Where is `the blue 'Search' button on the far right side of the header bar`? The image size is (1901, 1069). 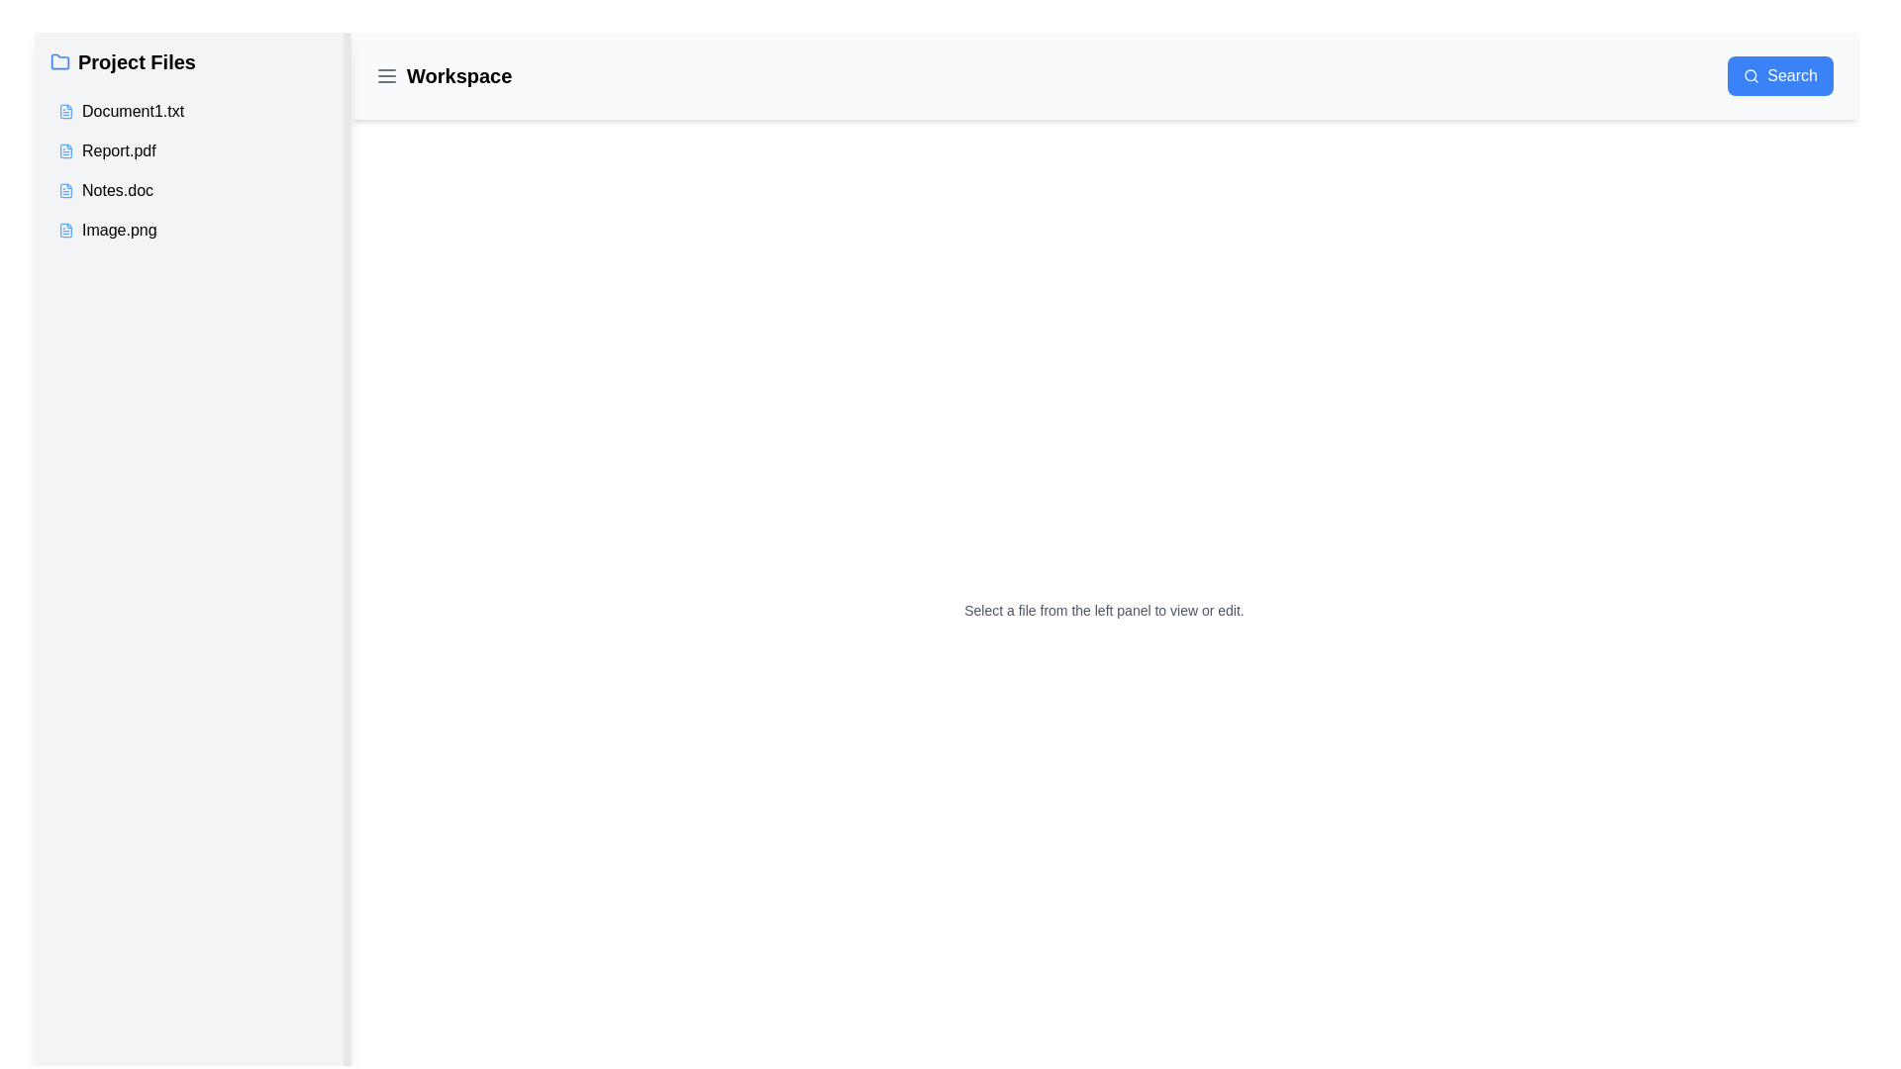
the blue 'Search' button on the far right side of the header bar is located at coordinates (1780, 75).